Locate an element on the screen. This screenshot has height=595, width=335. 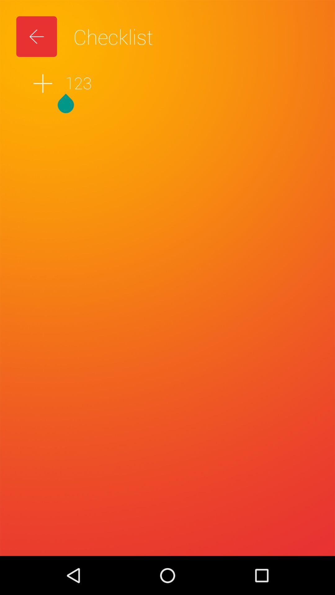
123 item is located at coordinates (167, 83).